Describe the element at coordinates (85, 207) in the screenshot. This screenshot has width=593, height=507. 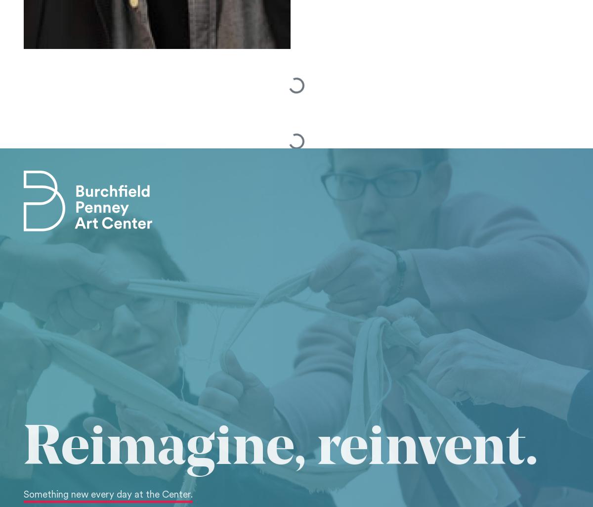
I see `'email'` at that location.